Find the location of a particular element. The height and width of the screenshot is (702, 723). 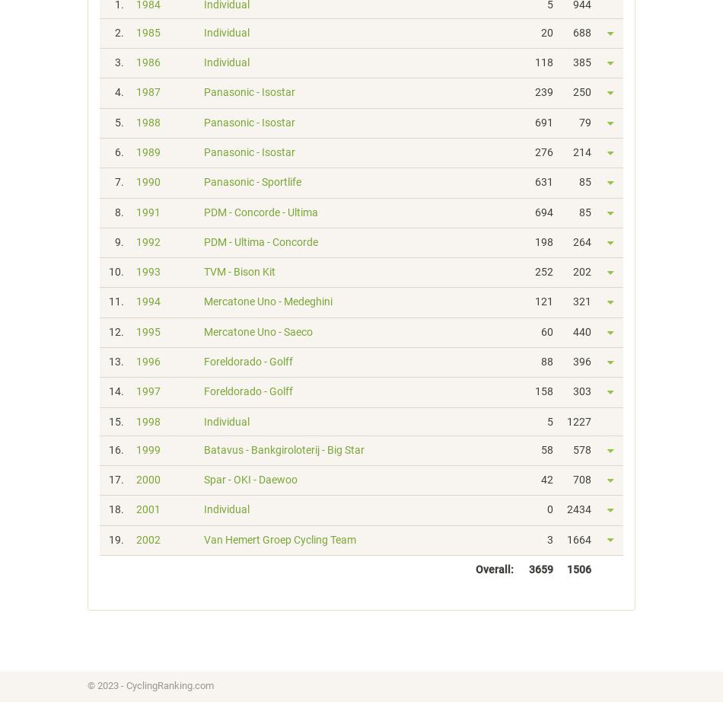

'2002' is located at coordinates (135, 538).